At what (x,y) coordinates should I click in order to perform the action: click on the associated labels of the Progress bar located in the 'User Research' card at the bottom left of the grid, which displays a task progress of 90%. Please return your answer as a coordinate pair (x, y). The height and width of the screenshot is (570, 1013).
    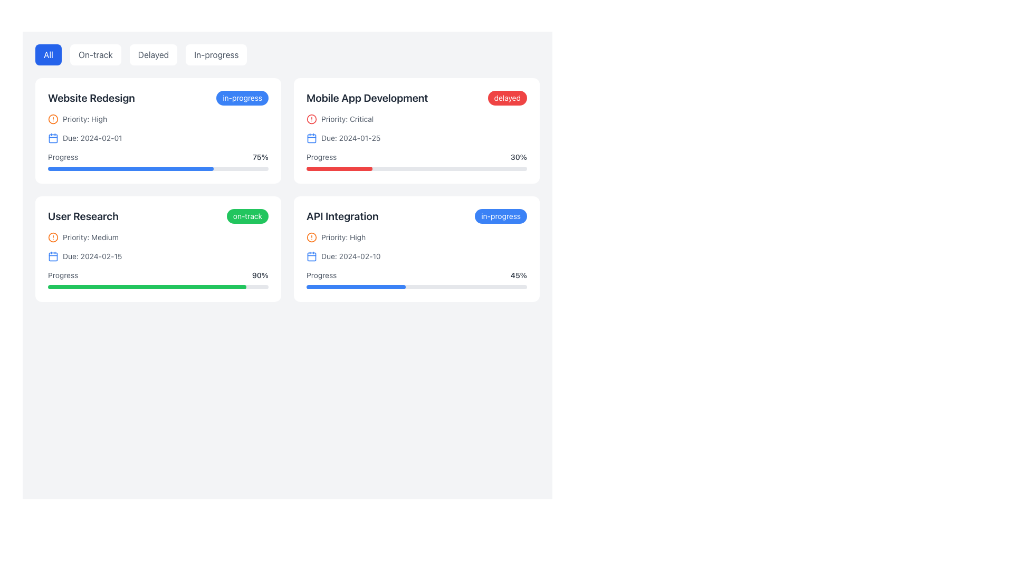
    Looking at the image, I should click on (157, 279).